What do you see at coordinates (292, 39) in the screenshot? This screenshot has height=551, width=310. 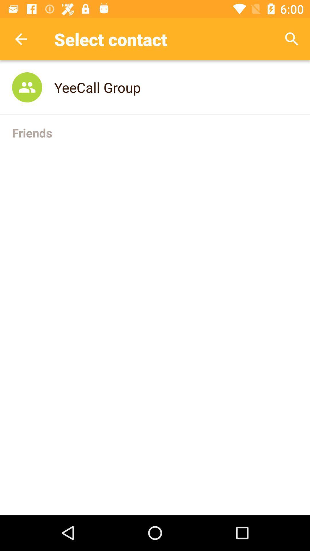 I see `item to the right of the select contact app` at bounding box center [292, 39].